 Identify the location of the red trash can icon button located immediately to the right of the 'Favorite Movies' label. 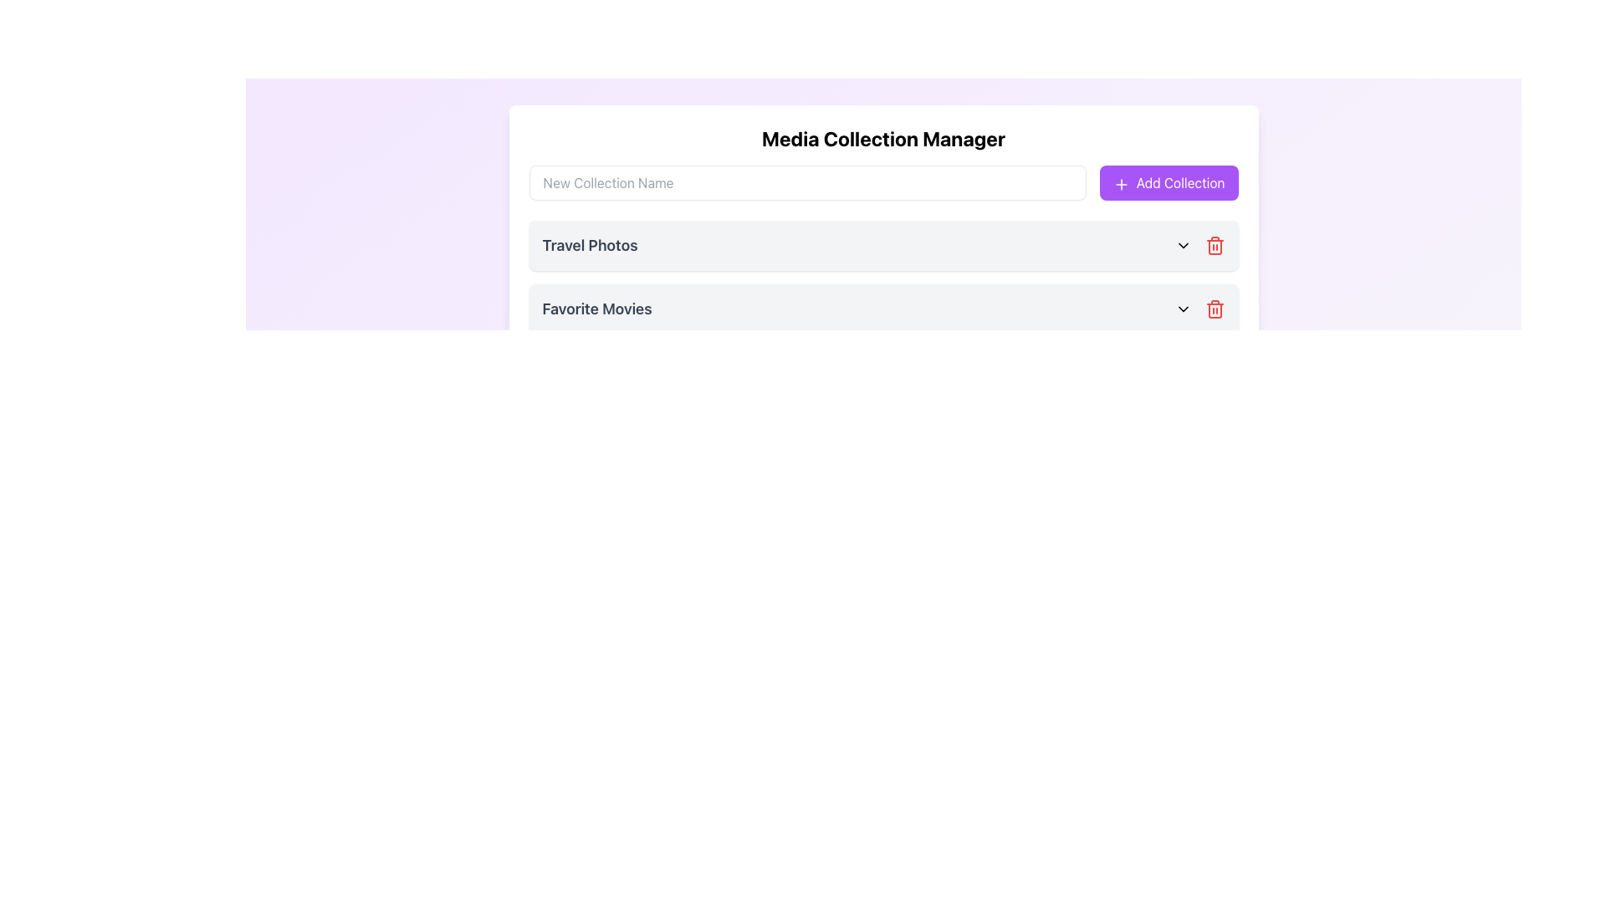
(1215, 245).